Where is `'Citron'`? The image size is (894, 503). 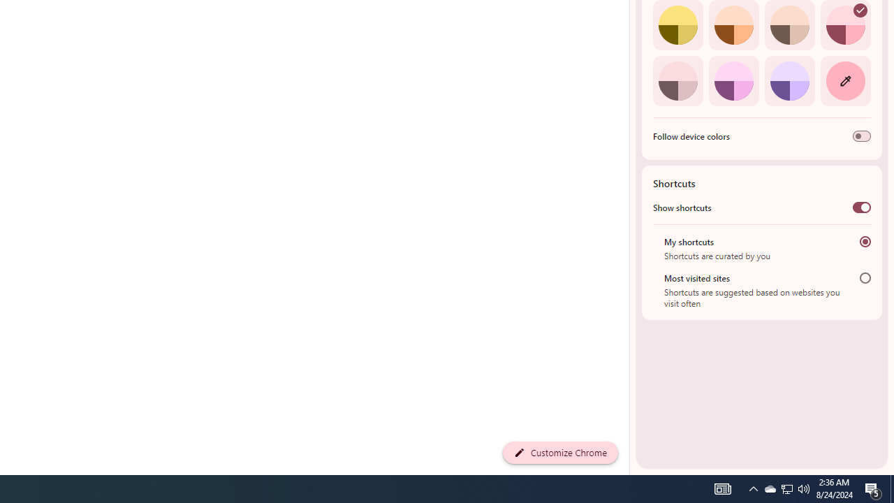 'Citron' is located at coordinates (677, 25).